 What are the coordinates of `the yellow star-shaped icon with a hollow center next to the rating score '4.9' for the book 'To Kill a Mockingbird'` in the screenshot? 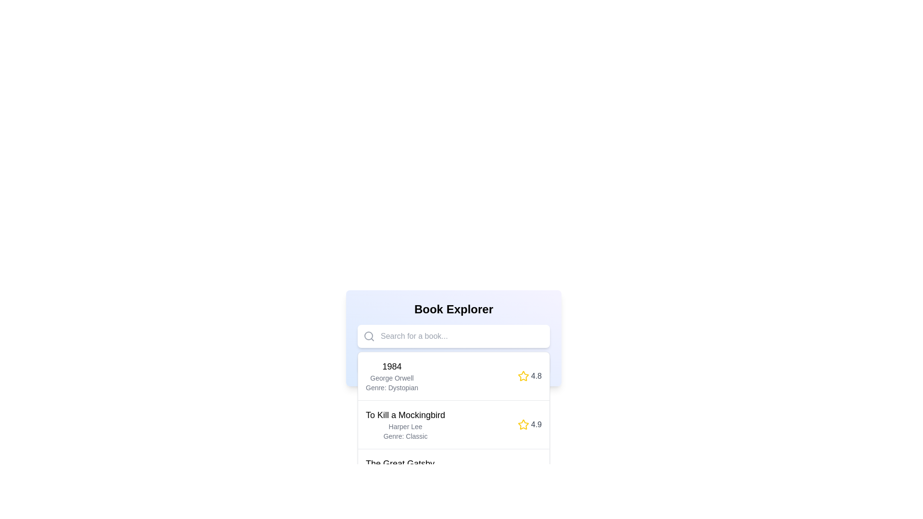 It's located at (523, 424).